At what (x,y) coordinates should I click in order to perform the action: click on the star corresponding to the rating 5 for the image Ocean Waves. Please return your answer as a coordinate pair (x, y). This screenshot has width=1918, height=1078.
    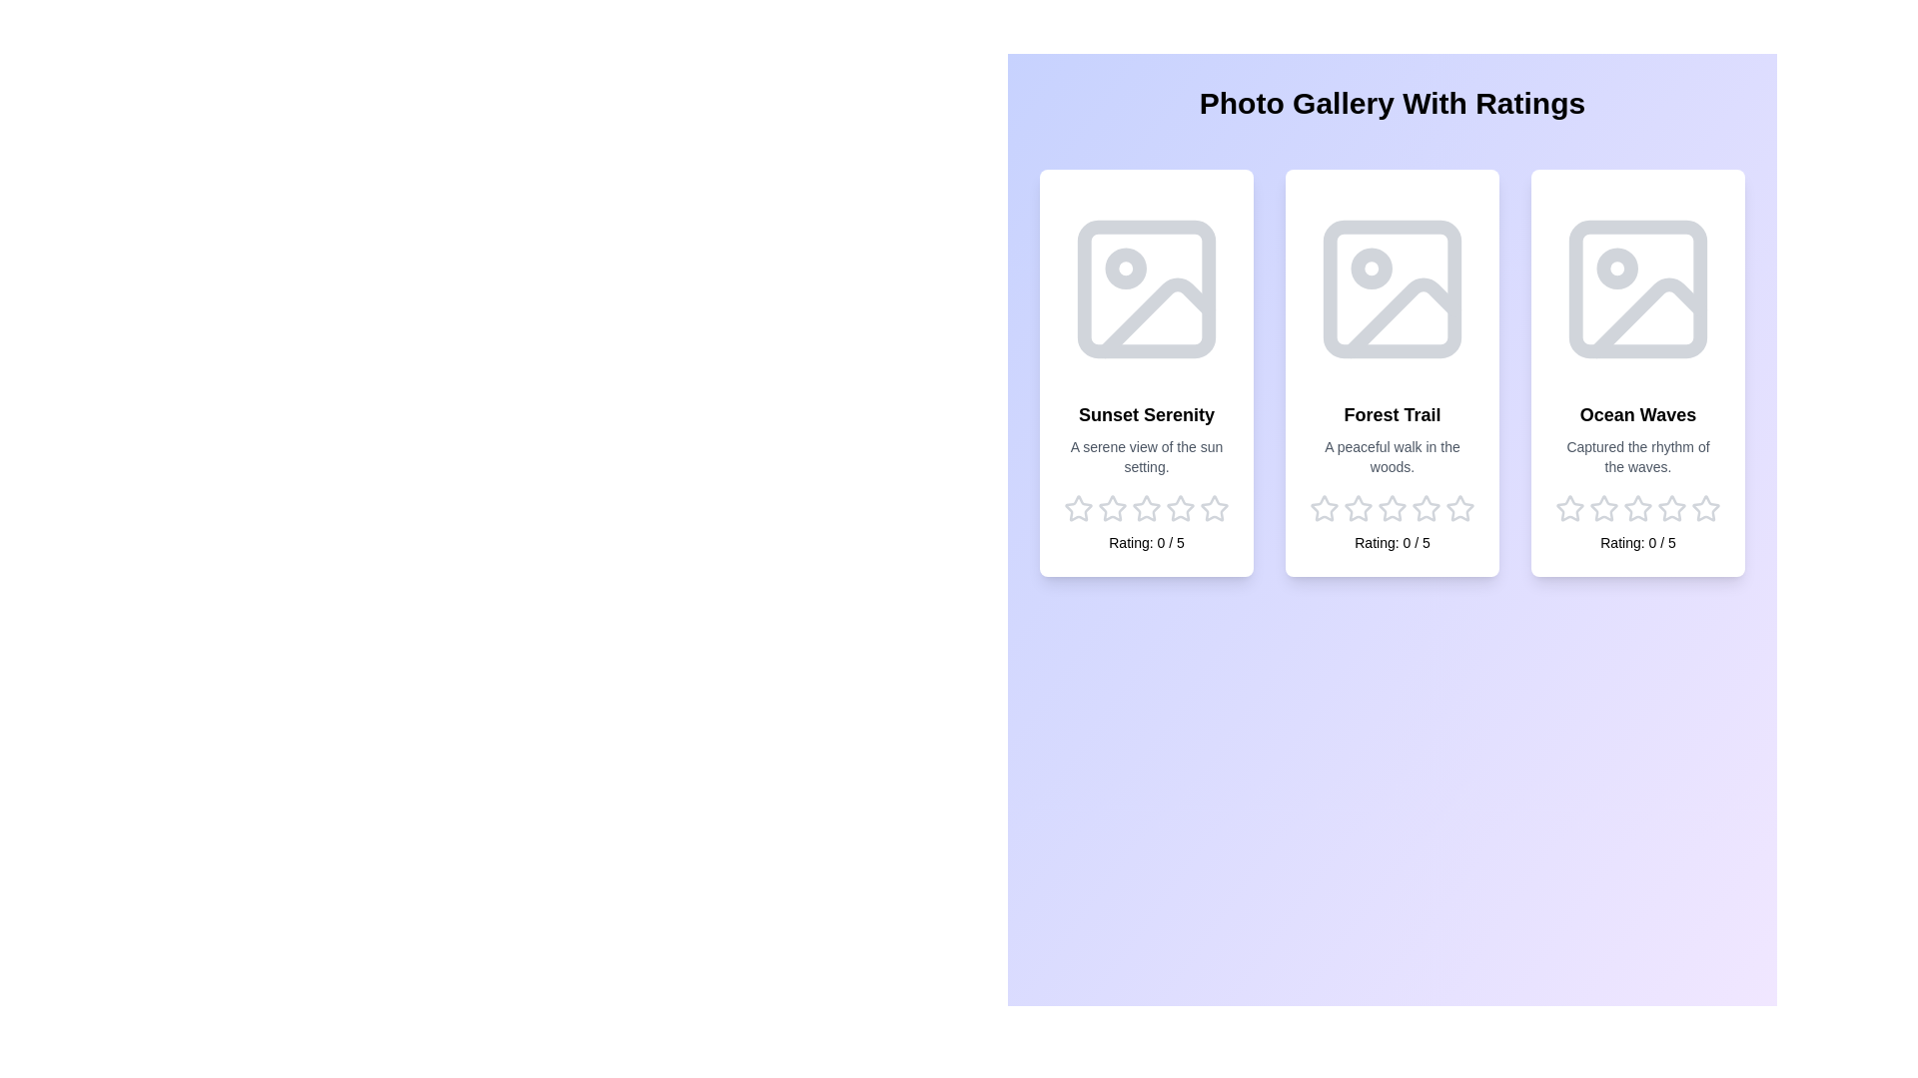
    Looking at the image, I should click on (1705, 507).